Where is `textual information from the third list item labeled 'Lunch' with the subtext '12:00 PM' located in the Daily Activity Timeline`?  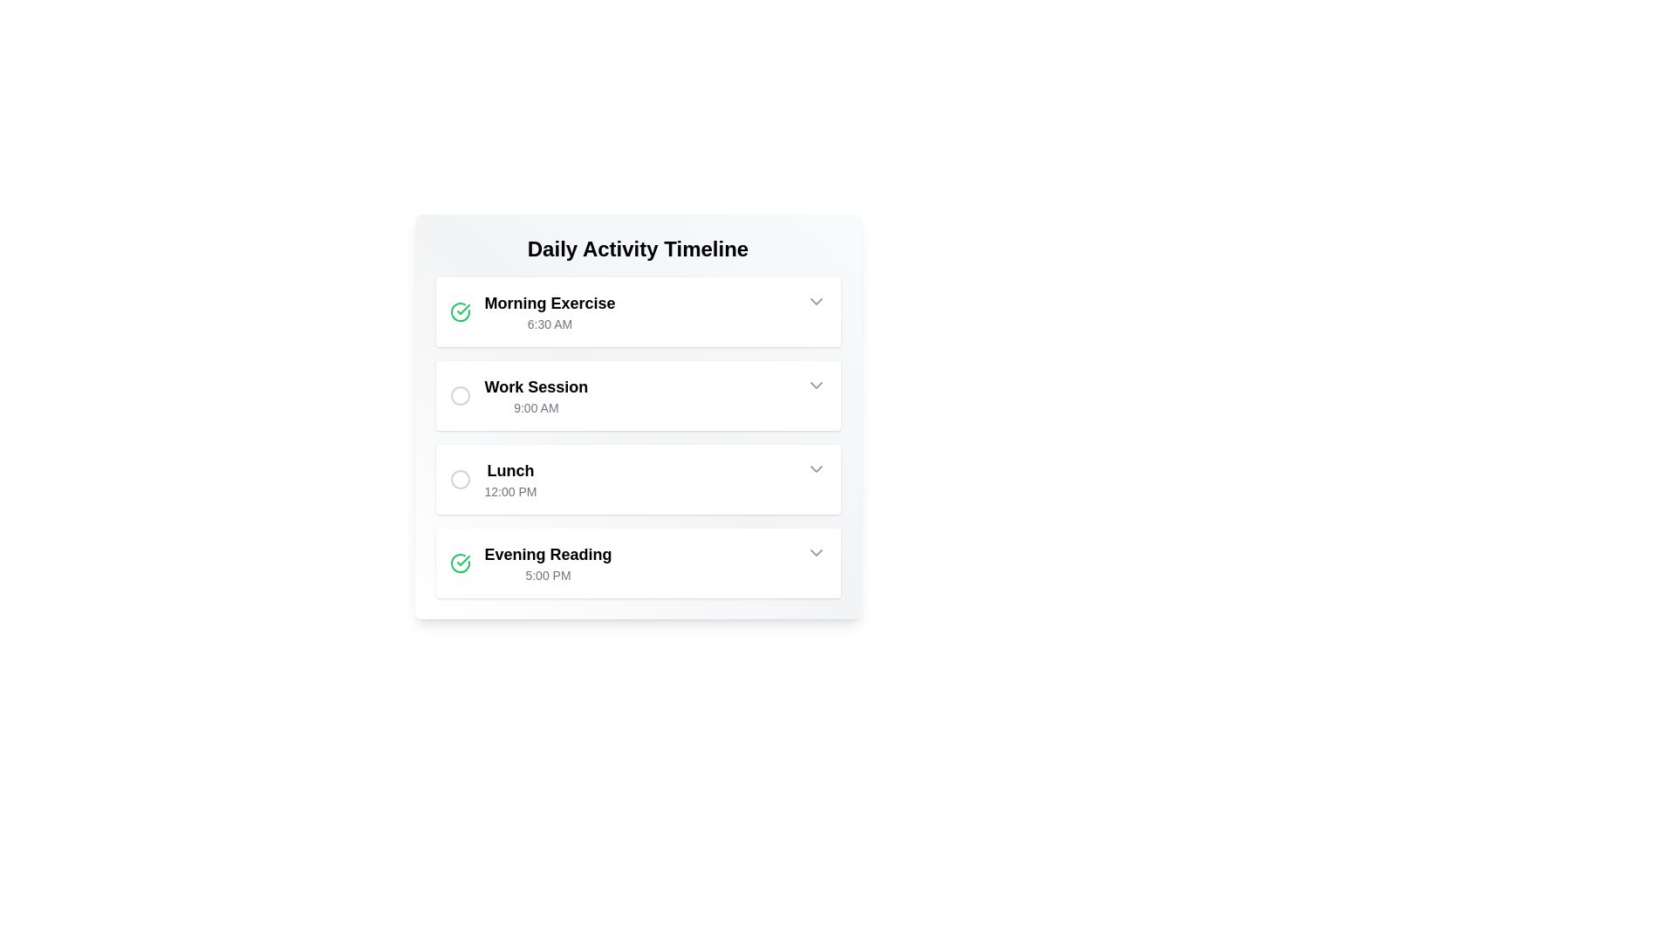 textual information from the third list item labeled 'Lunch' with the subtext '12:00 PM' located in the Daily Activity Timeline is located at coordinates (509, 480).